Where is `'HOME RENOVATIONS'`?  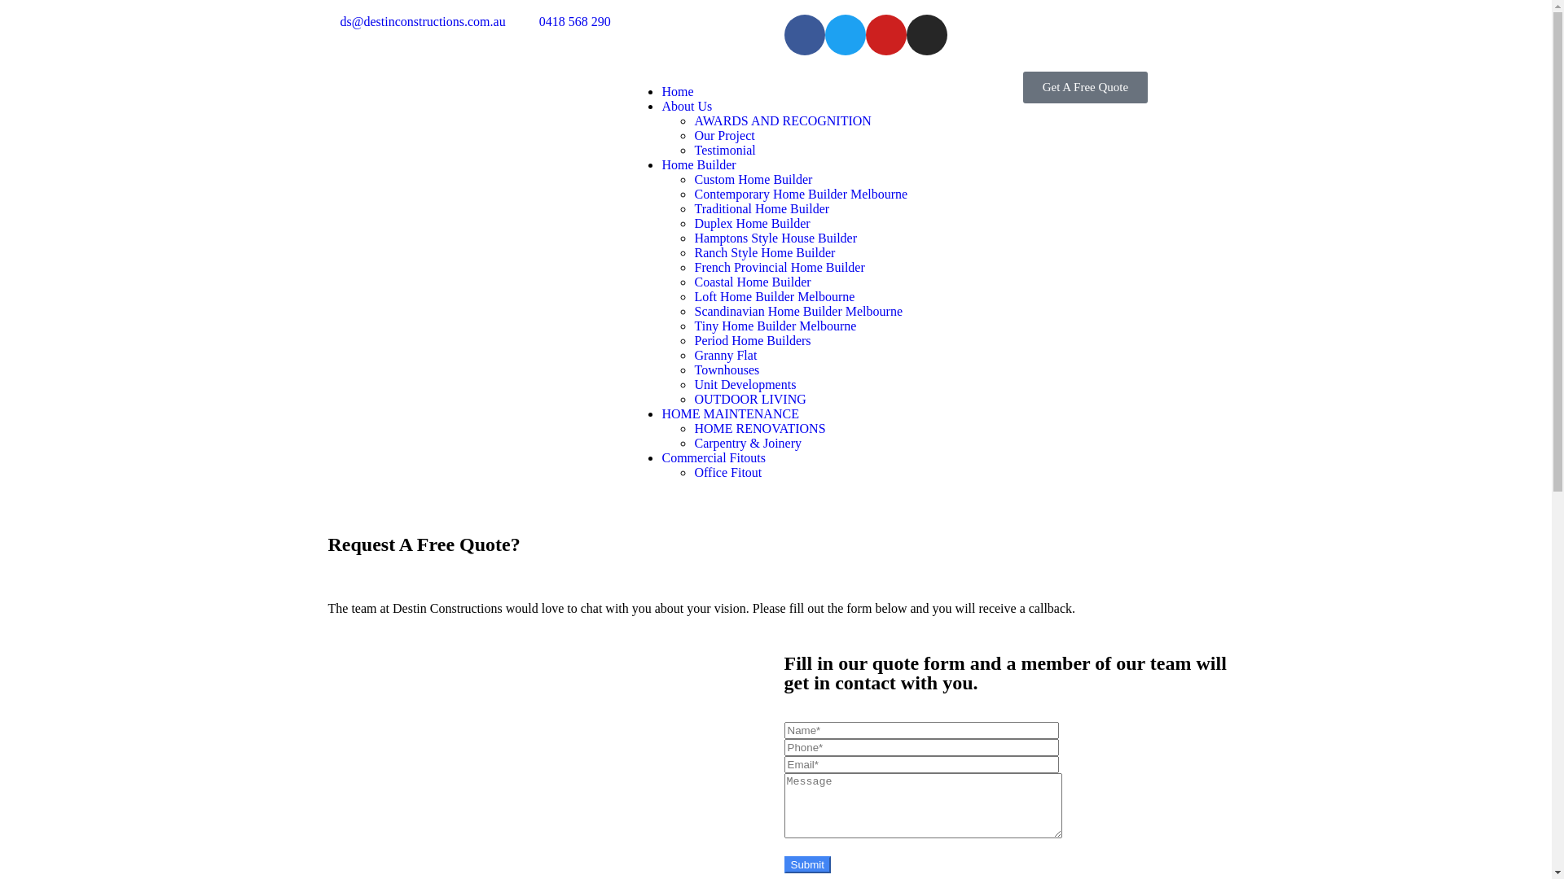
'HOME RENOVATIONS' is located at coordinates (758, 427).